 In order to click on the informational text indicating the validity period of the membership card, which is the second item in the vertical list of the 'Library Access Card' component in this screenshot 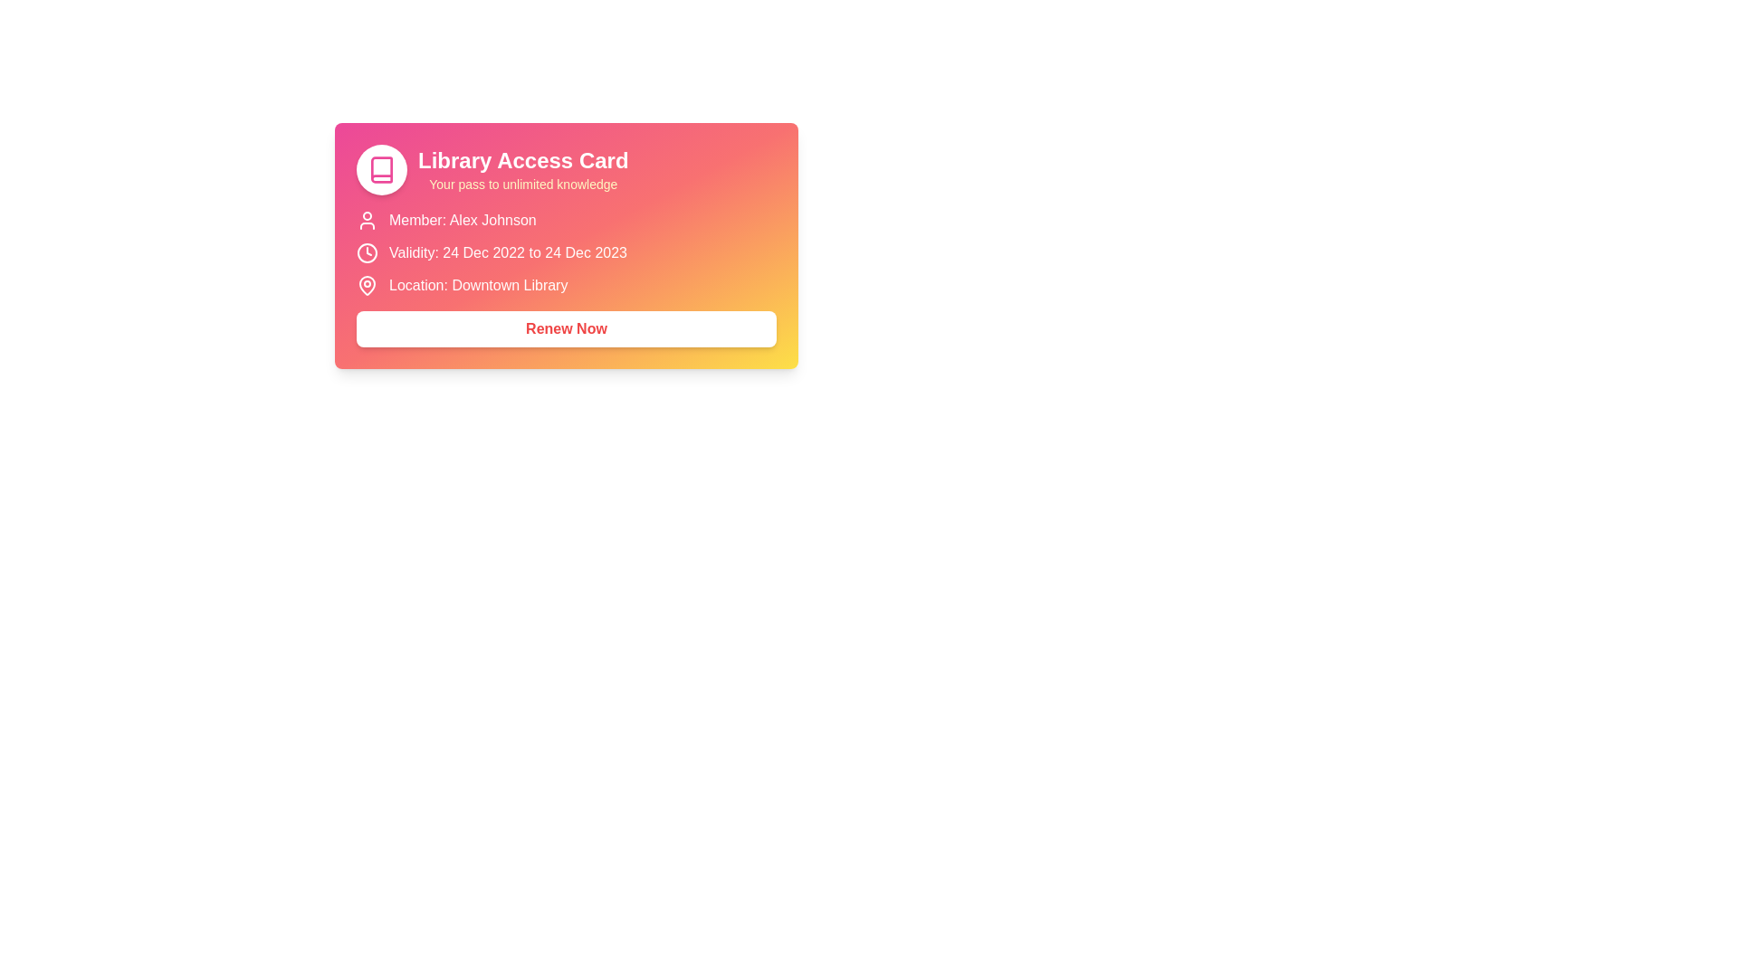, I will do `click(565, 253)`.